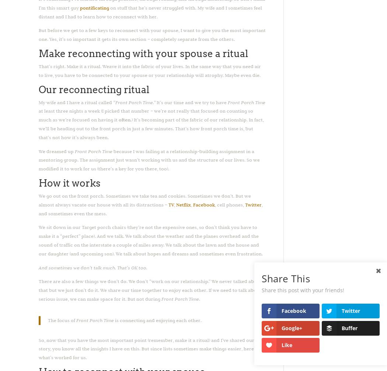 The image size is (387, 371). What do you see at coordinates (148, 349) in the screenshot?
I see `'So, now that you have the most important point (remember, make it a ritual) and I’ve shared our story, you know all the insights I have on this. But since lists sometimes make things easier, here’s what’s worked for us.'` at bounding box center [148, 349].